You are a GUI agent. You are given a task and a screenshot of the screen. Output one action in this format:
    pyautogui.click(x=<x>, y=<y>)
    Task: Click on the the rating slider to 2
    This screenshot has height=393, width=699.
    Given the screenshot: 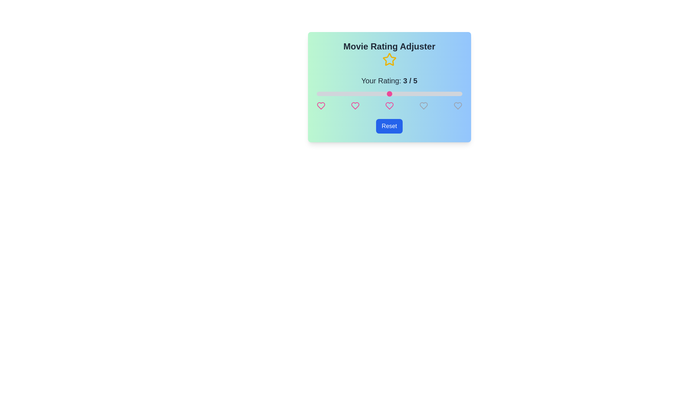 What is the action you would take?
    pyautogui.click(x=353, y=94)
    